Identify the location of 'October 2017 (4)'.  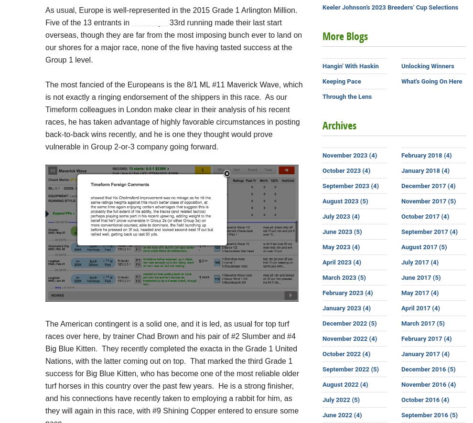
(401, 216).